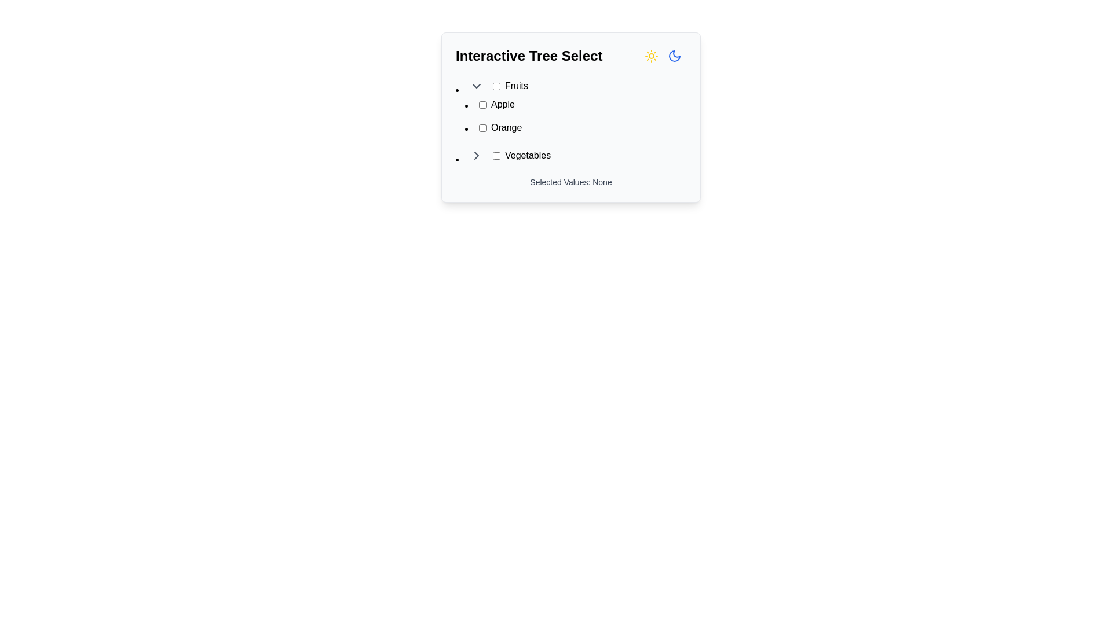 The height and width of the screenshot is (625, 1112). What do you see at coordinates (476, 86) in the screenshot?
I see `the Dropdown toggle icon for the 'Fruits' category` at bounding box center [476, 86].